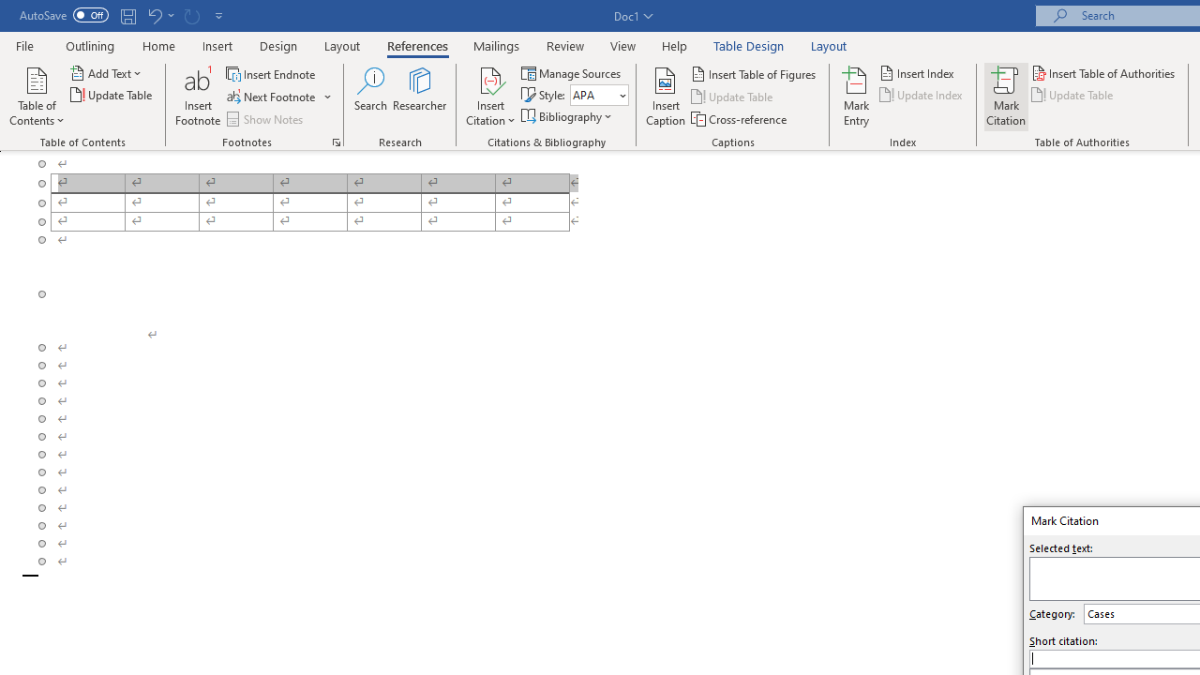 The width and height of the screenshot is (1200, 675). What do you see at coordinates (855, 97) in the screenshot?
I see `'Mark Entry...'` at bounding box center [855, 97].